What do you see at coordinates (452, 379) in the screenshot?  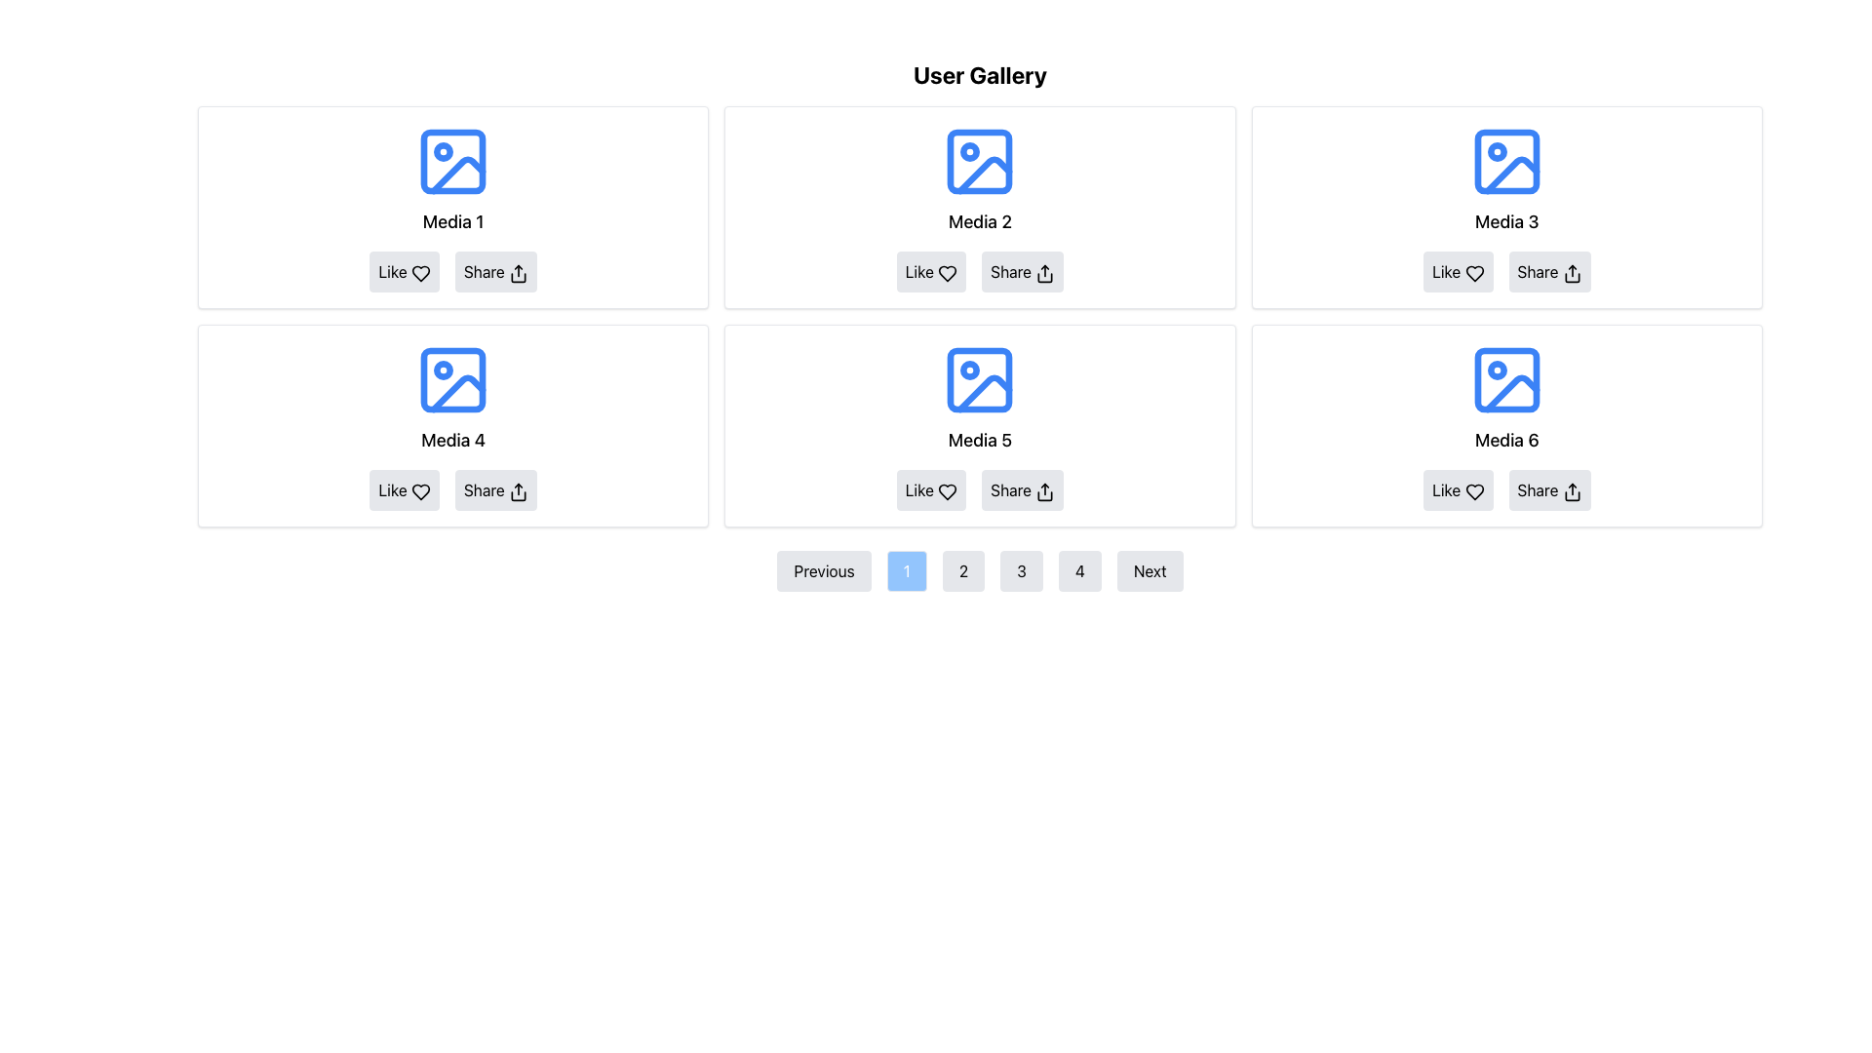 I see `the small rectangular decorative graphical component with rounded corners located in the top-left corner of the larger icon with a blue outline, which is part of the grid of interactive media preview thumbnails` at bounding box center [452, 379].